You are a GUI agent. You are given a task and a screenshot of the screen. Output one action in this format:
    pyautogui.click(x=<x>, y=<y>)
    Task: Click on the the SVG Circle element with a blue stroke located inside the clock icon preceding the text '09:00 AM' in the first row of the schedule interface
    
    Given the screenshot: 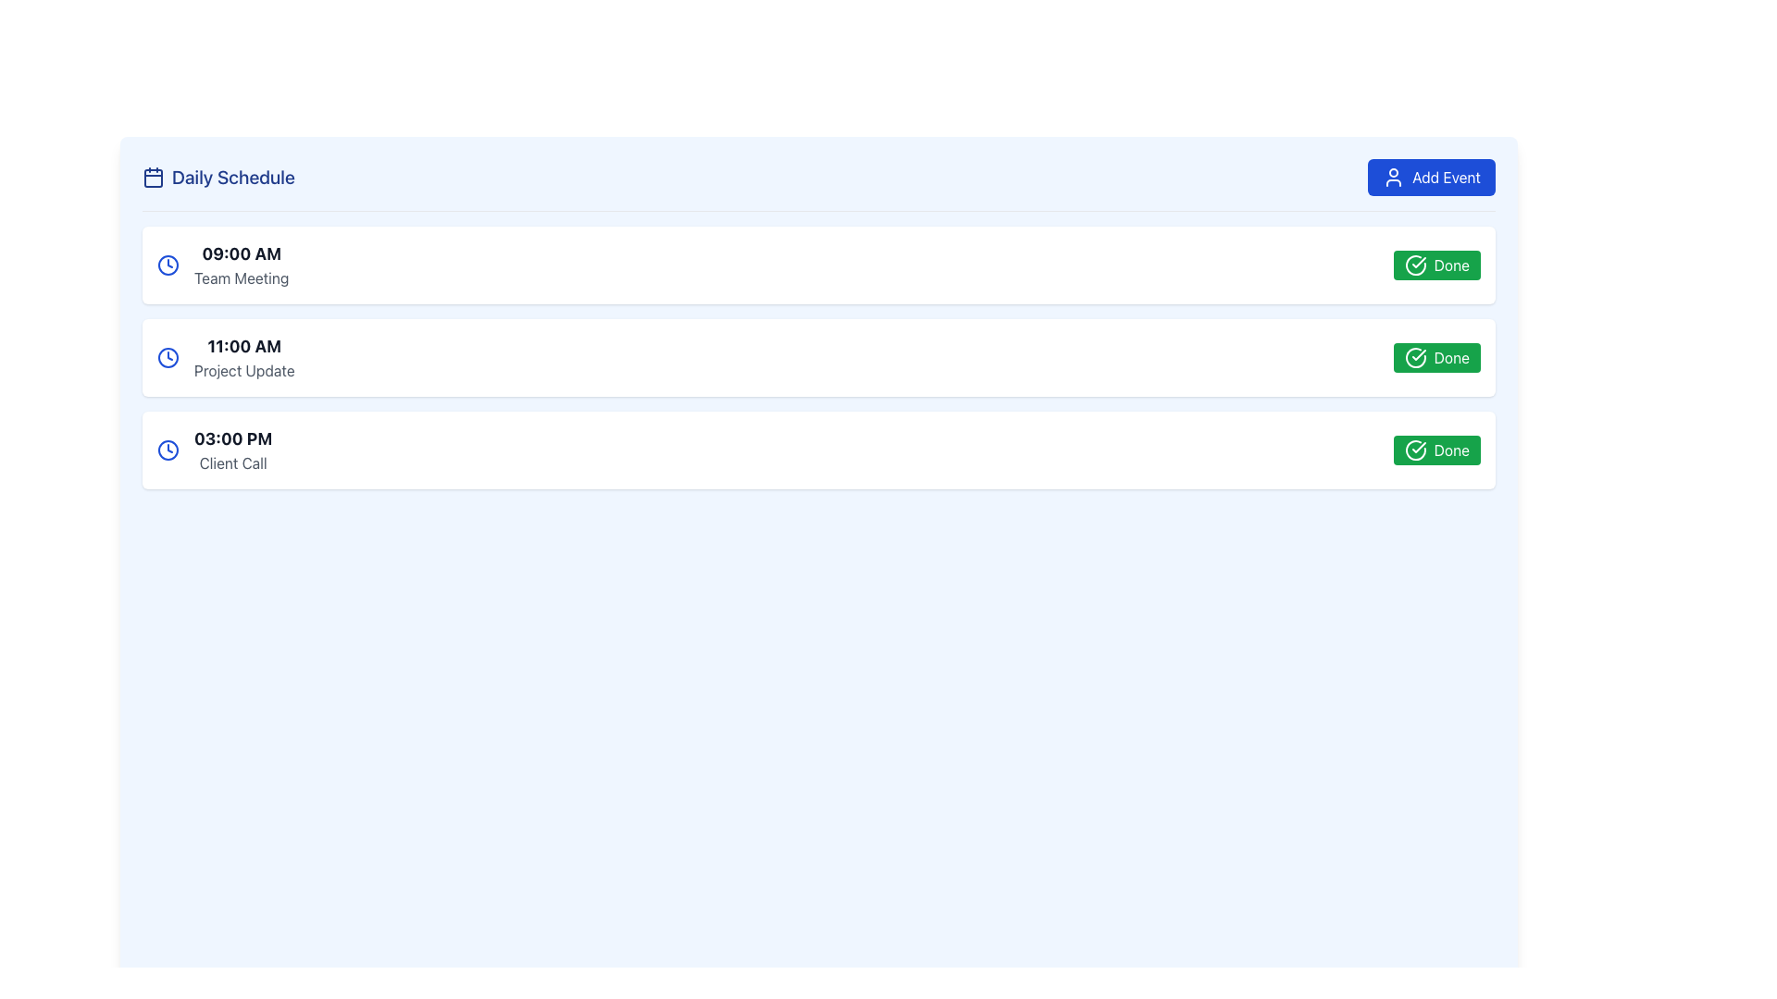 What is the action you would take?
    pyautogui.click(x=168, y=265)
    